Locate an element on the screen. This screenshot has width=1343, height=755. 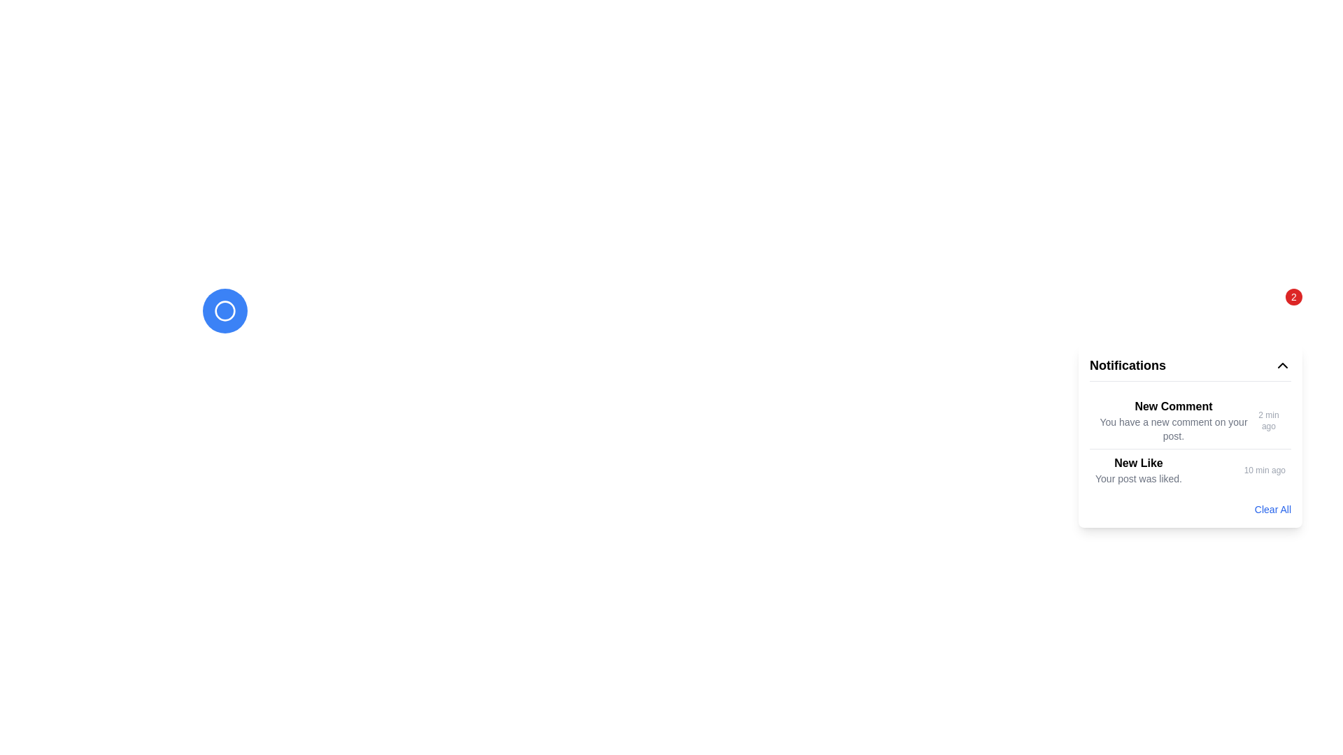
the centered blue button with a circular white inner border displaying the number '2' in white is located at coordinates (225, 310).